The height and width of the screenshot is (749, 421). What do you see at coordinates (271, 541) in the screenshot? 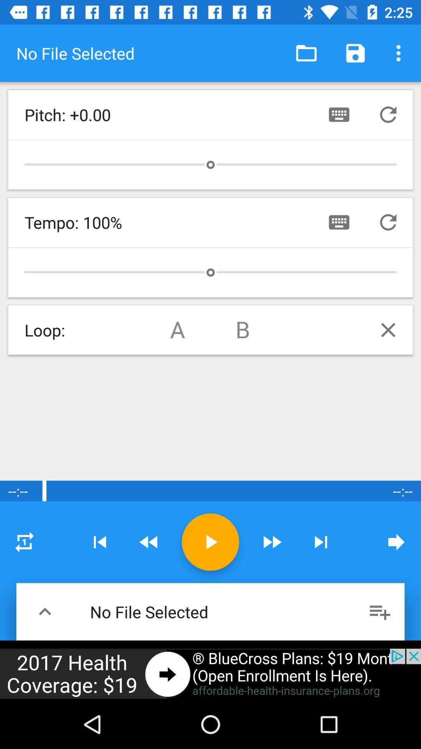
I see `fast forward audio` at bounding box center [271, 541].